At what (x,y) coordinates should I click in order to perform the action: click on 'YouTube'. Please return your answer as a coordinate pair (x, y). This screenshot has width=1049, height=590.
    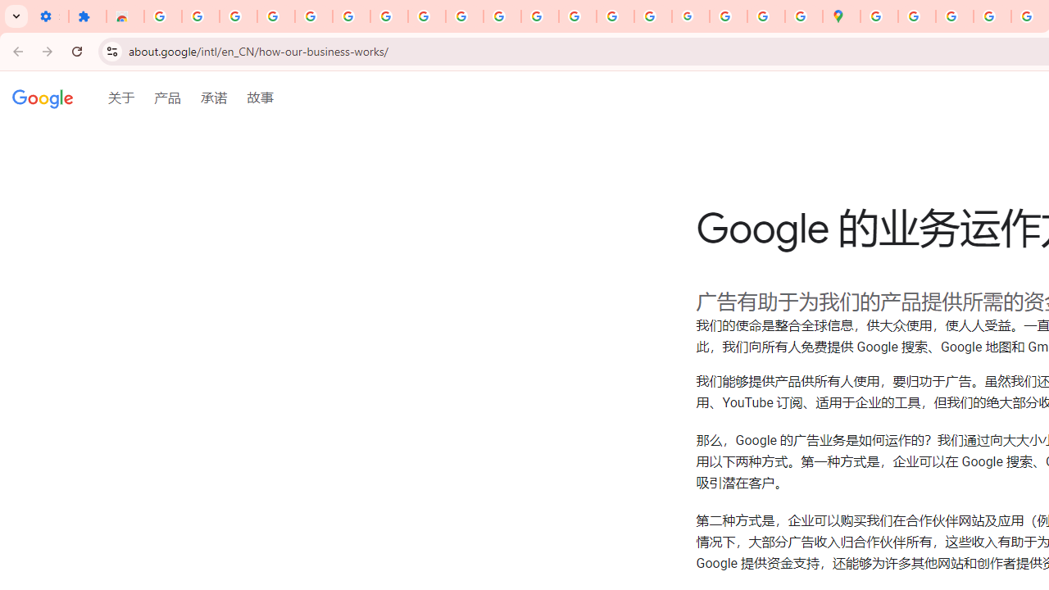
    Looking at the image, I should click on (464, 16).